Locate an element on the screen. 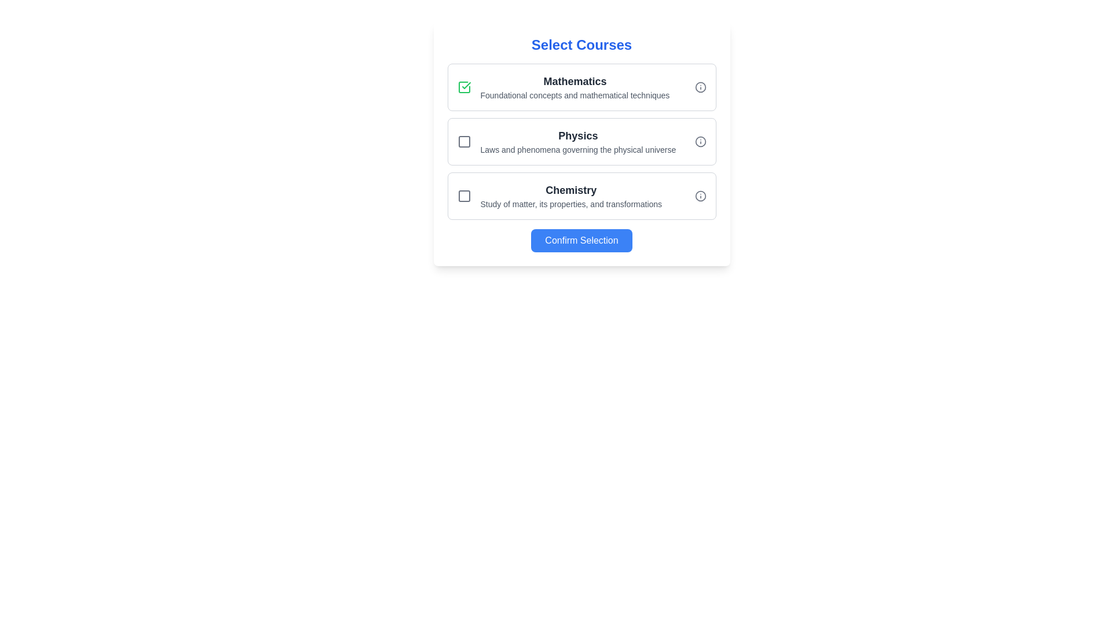 The height and width of the screenshot is (625, 1112). the second selectable option labeled 'Physics' is located at coordinates (566, 141).